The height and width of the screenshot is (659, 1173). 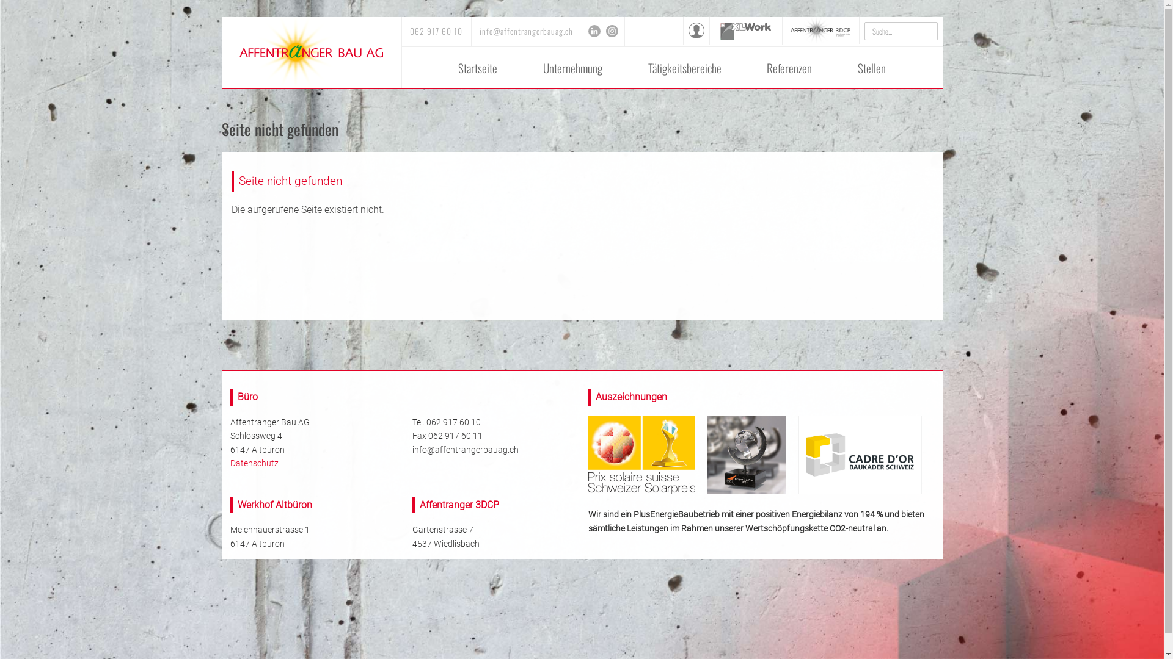 What do you see at coordinates (479, 30) in the screenshot?
I see `'info@affentrangerbauag.ch'` at bounding box center [479, 30].